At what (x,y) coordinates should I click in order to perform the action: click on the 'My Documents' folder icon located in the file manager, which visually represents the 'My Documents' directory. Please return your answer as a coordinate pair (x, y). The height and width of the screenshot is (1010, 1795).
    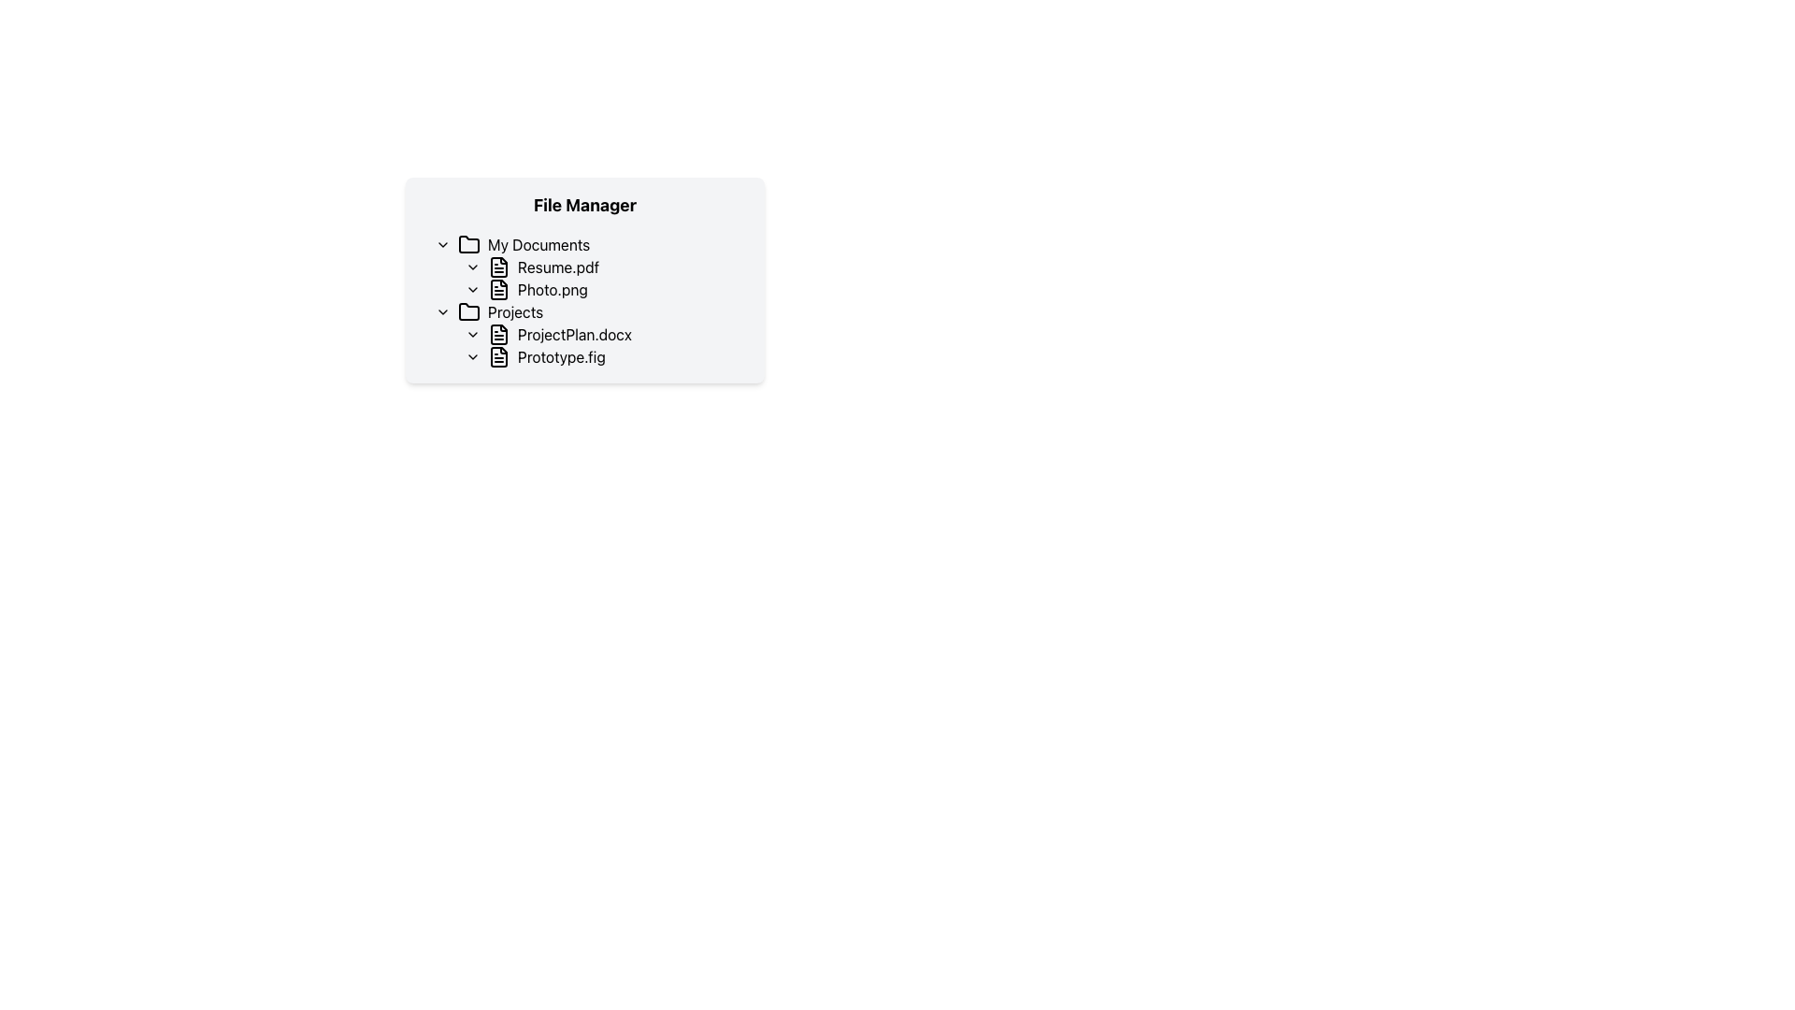
    Looking at the image, I should click on (469, 243).